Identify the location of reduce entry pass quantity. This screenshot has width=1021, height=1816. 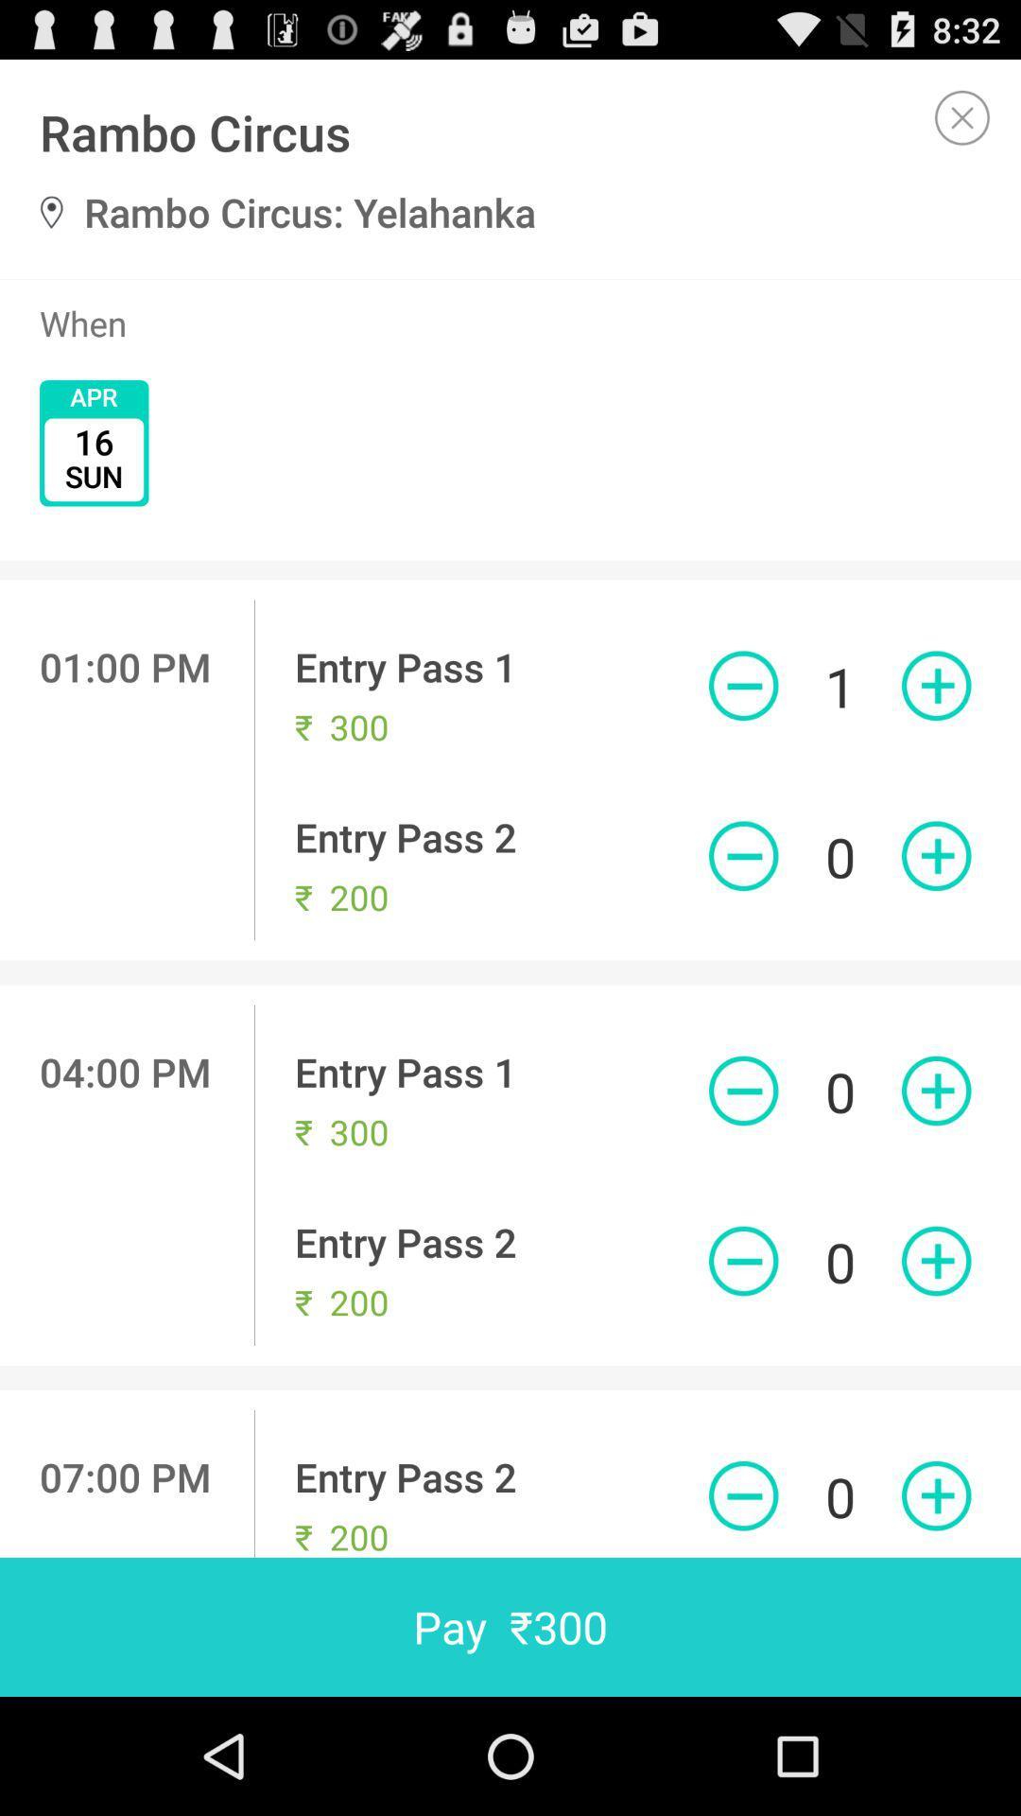
(742, 1091).